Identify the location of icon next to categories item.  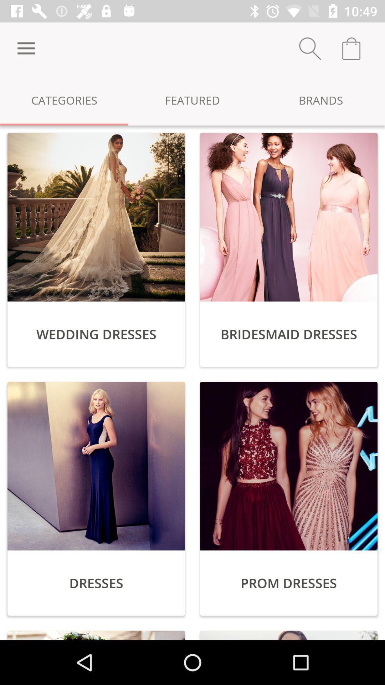
(192, 100).